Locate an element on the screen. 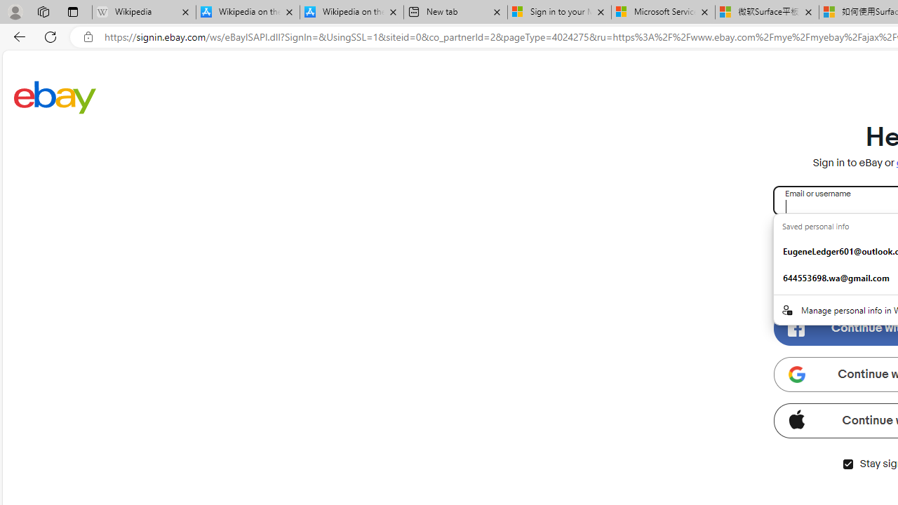 Image resolution: width=898 pixels, height=505 pixels. 'Wikipedia - Sleeping' is located at coordinates (144, 12).